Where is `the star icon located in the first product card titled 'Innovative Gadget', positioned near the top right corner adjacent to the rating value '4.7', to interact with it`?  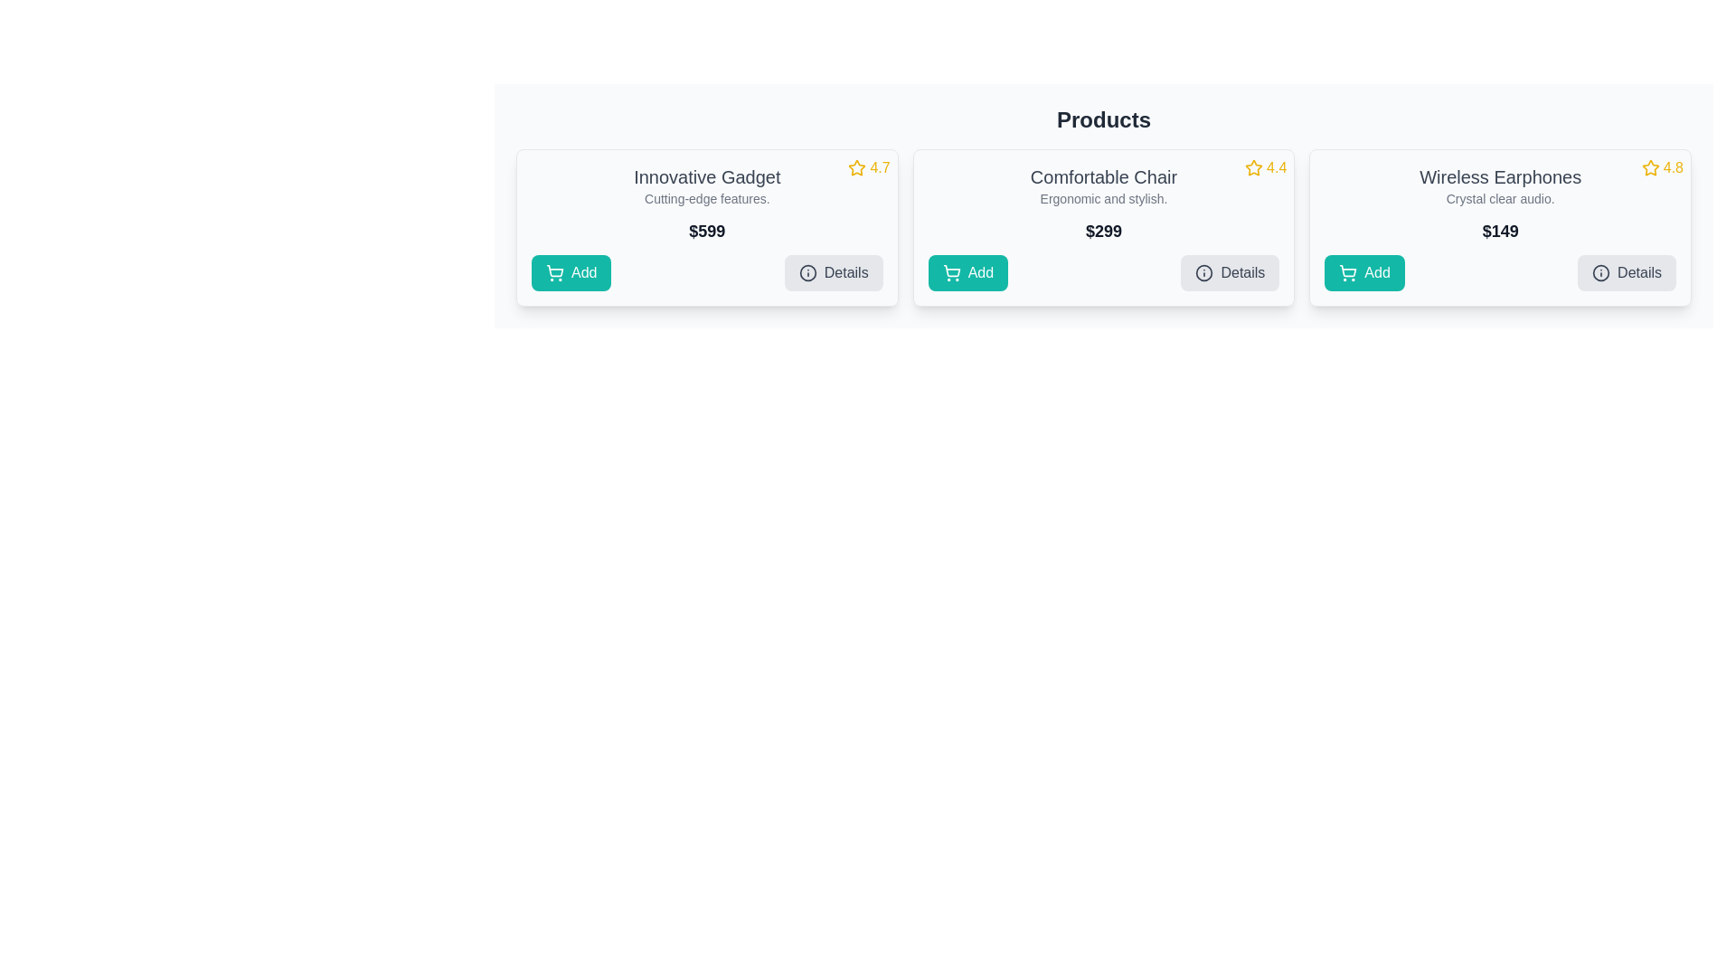 the star icon located in the first product card titled 'Innovative Gadget', positioned near the top right corner adjacent to the rating value '4.7', to interact with it is located at coordinates (856, 167).